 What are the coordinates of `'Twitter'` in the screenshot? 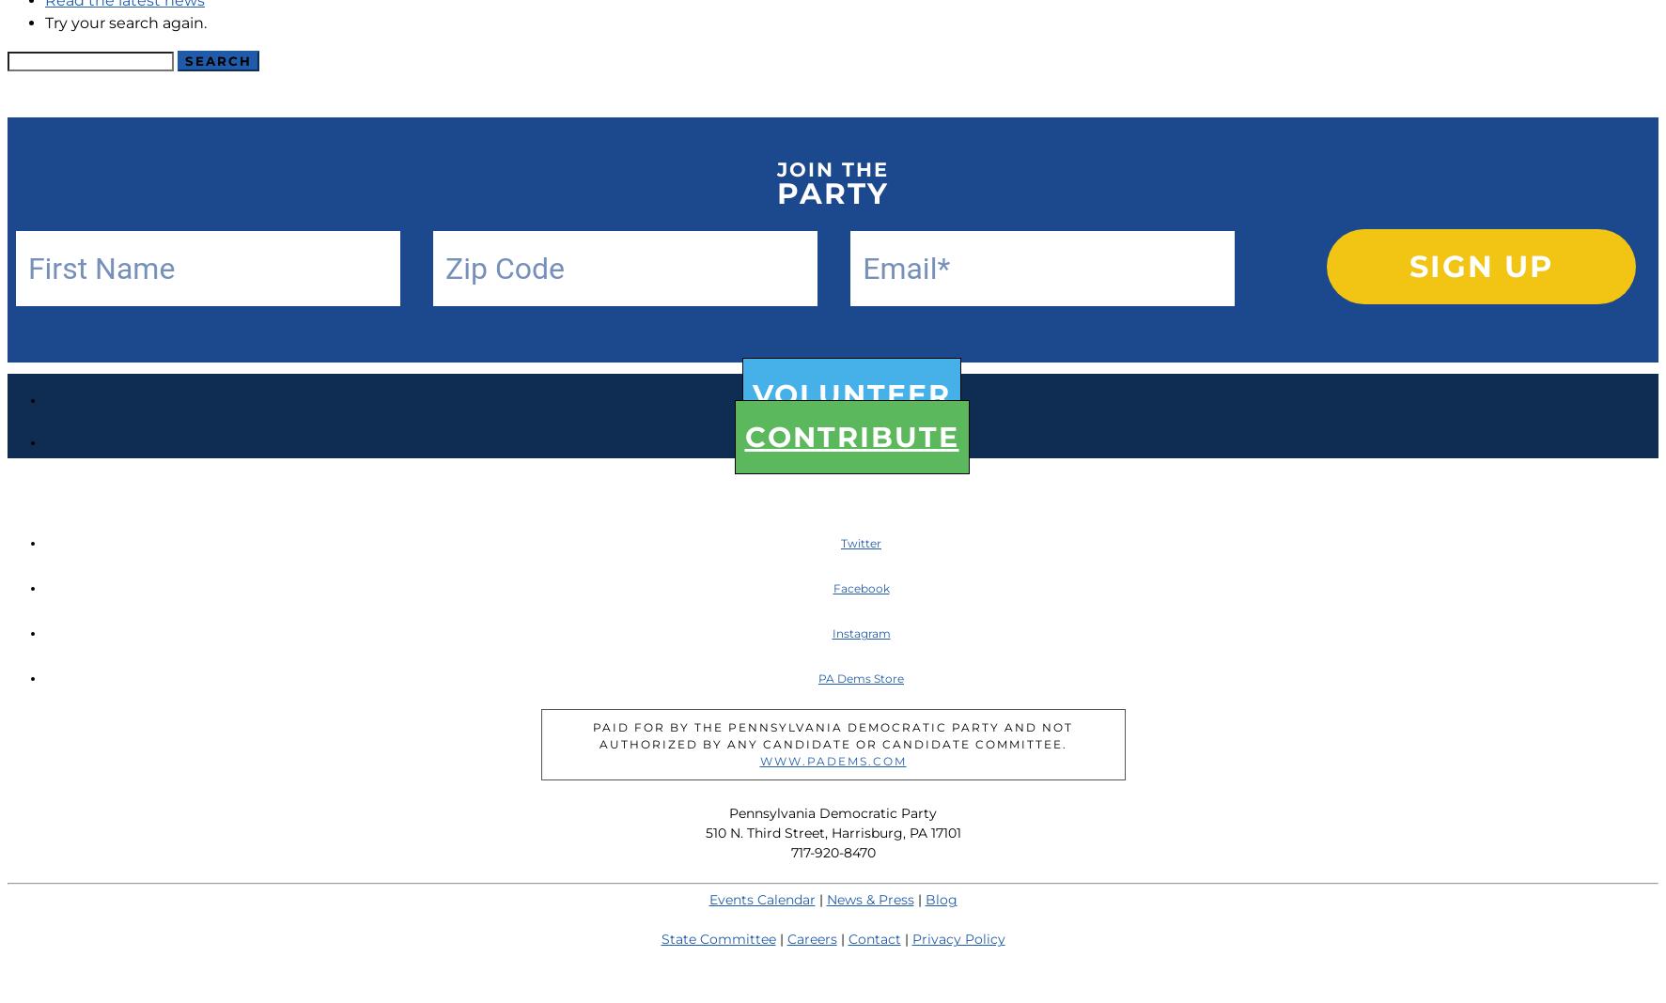 It's located at (861, 542).